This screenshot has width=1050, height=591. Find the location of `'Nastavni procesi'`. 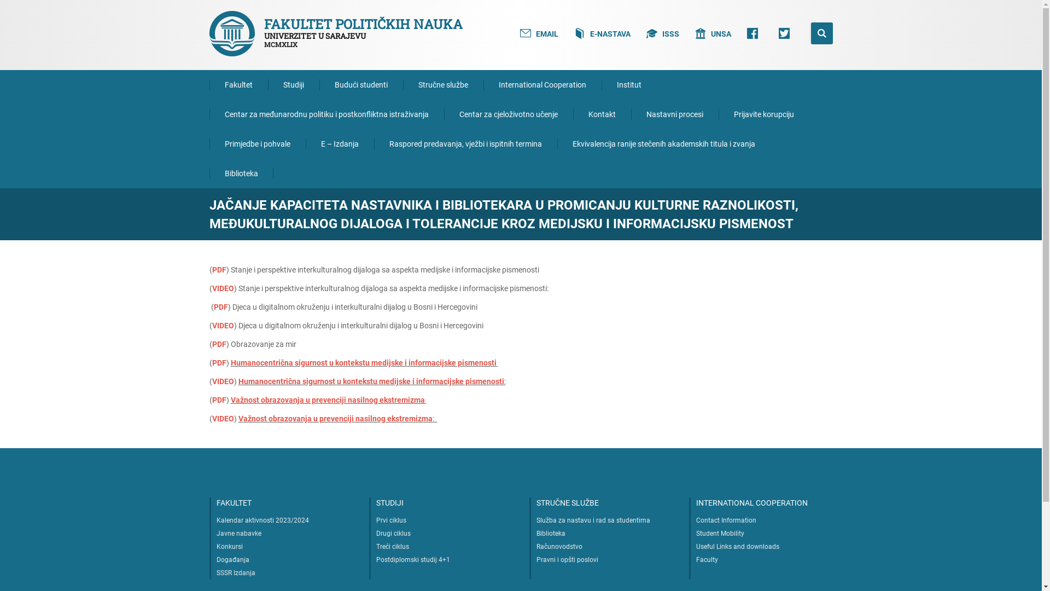

'Nastavni procesi' is located at coordinates (674, 114).